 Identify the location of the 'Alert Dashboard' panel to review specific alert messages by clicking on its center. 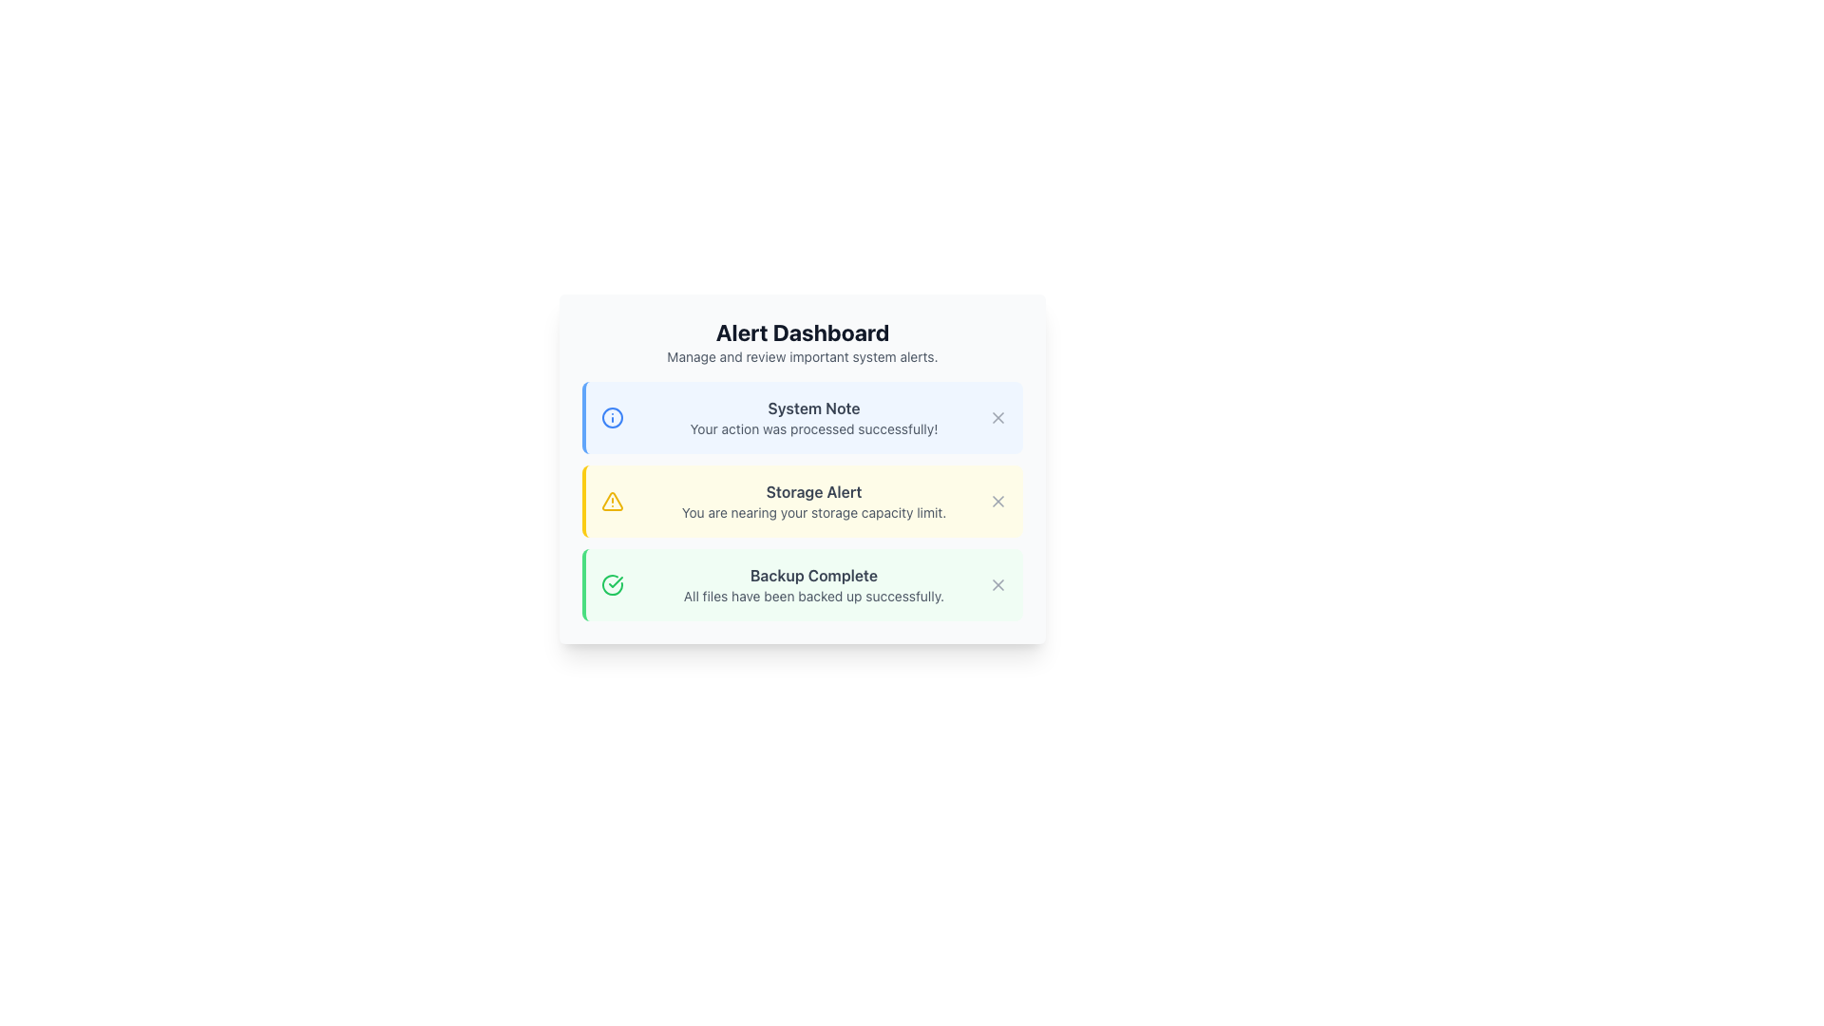
(802, 468).